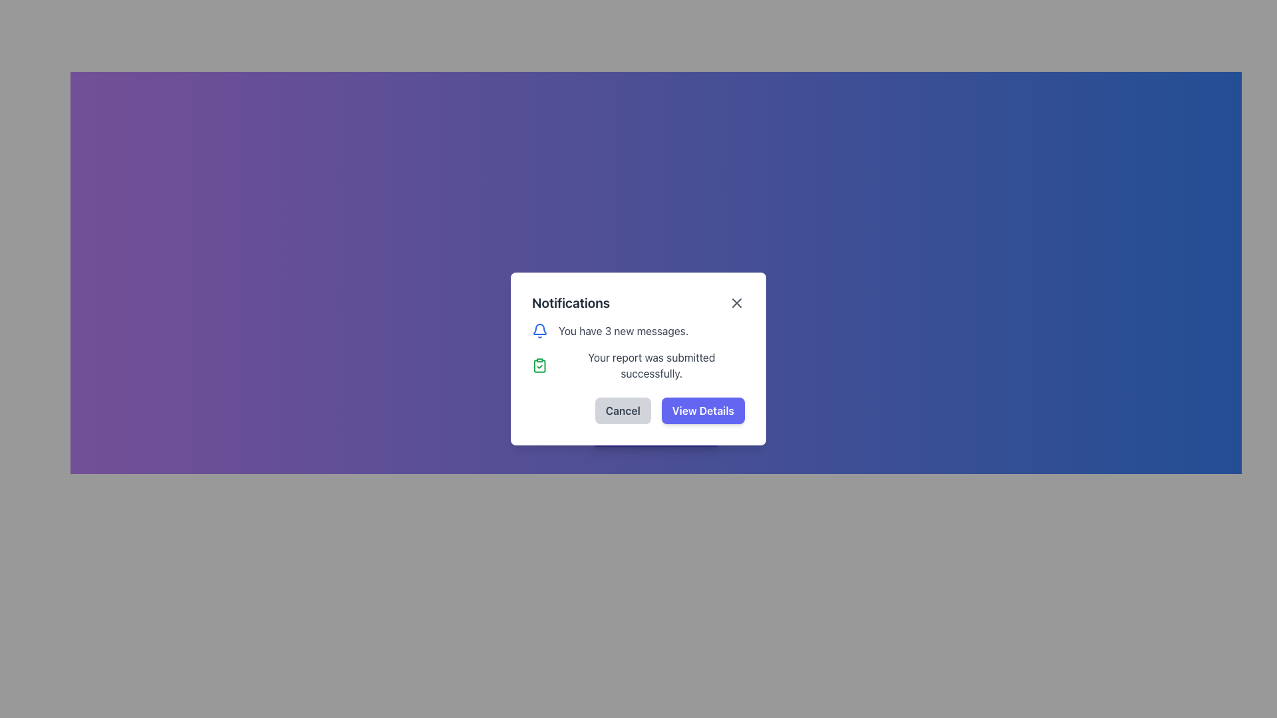 This screenshot has height=718, width=1277. I want to click on the clipboard icon located in the modal dialog below the 'Notifications' headline, aligned to the left side next to the report submission text, so click(539, 366).